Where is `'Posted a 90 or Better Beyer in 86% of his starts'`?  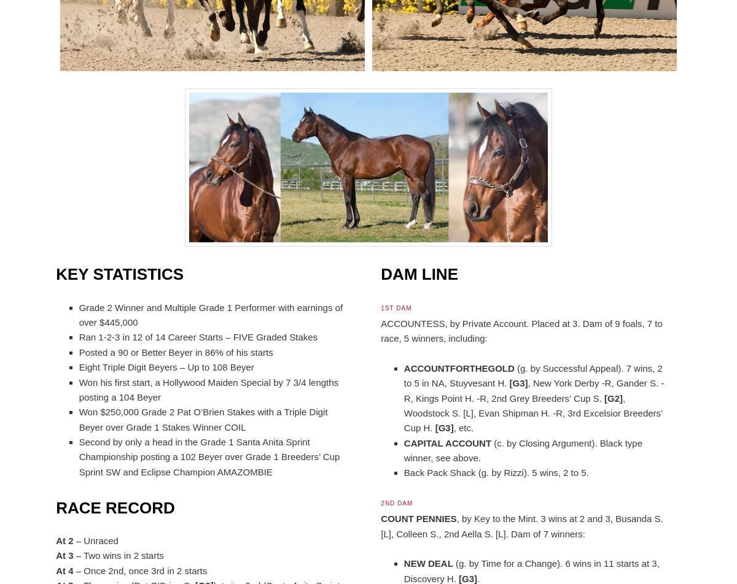 'Posted a 90 or Better Beyer in 86% of his starts' is located at coordinates (174, 352).